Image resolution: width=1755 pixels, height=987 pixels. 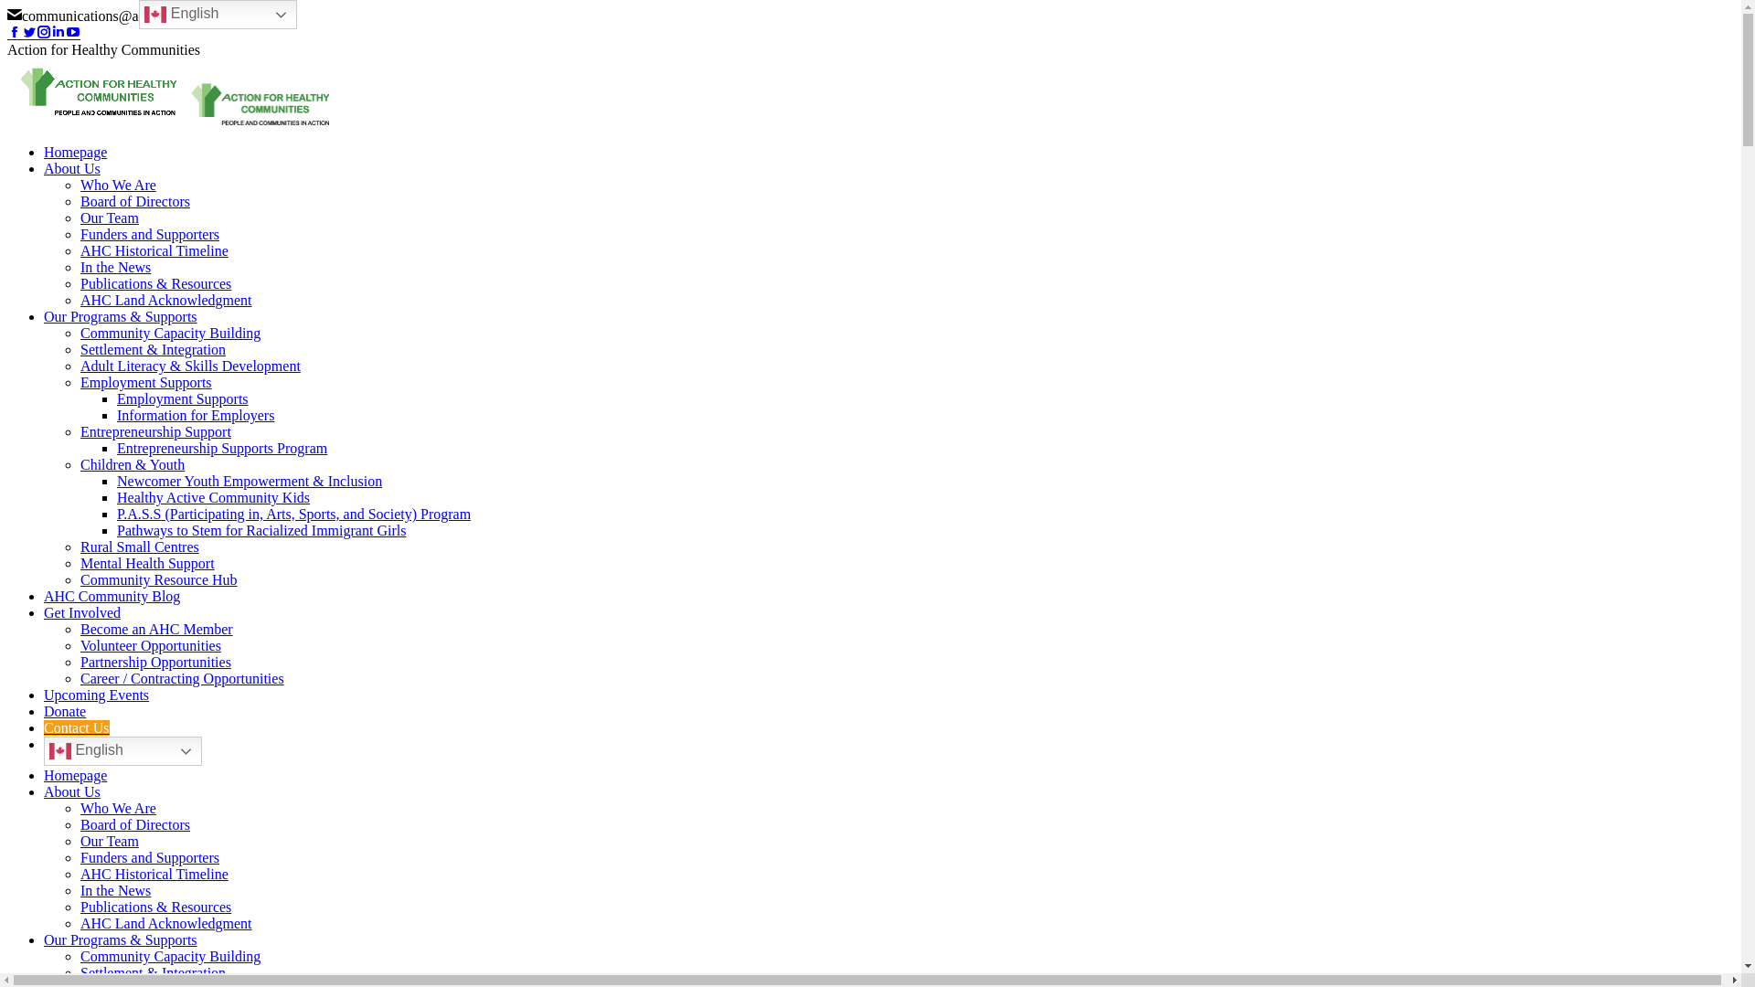 I want to click on 'Career / Contracting Opportunities', so click(x=182, y=678).